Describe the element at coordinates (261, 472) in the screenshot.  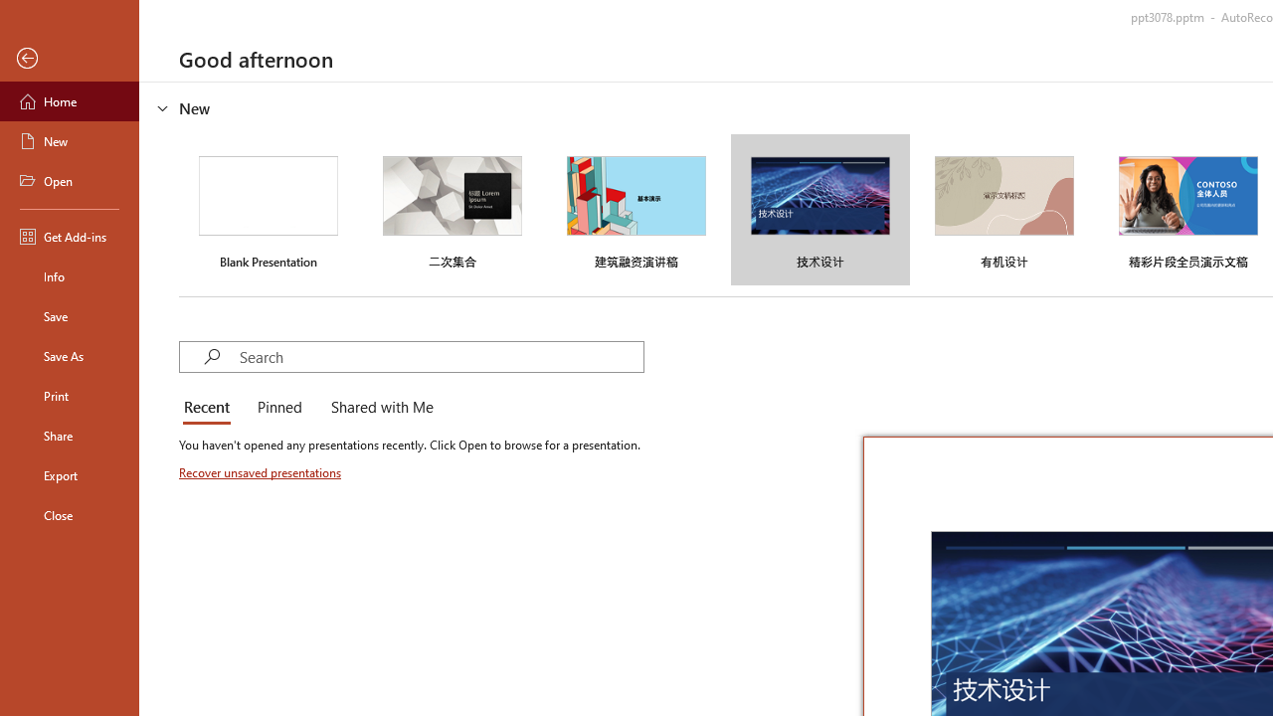
I see `'Recover unsaved presentations'` at that location.